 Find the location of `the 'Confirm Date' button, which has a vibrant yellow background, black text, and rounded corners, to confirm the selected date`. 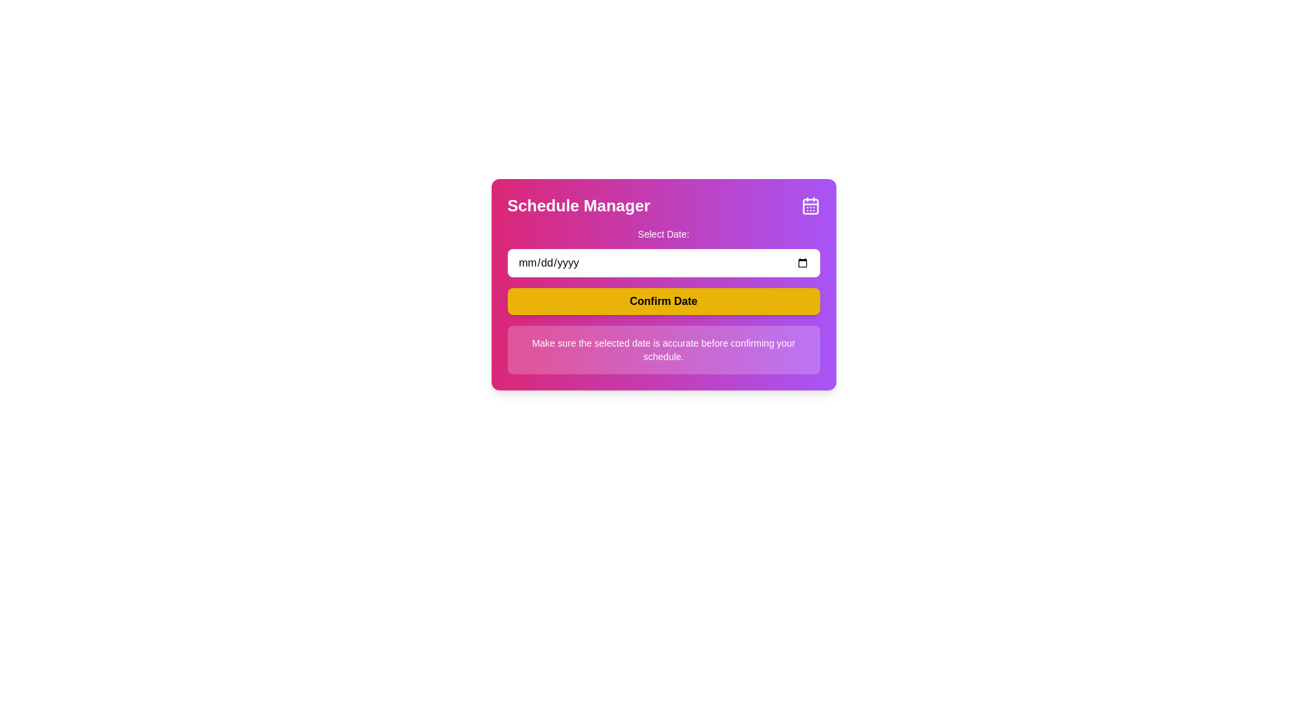

the 'Confirm Date' button, which has a vibrant yellow background, black text, and rounded corners, to confirm the selected date is located at coordinates (663, 300).